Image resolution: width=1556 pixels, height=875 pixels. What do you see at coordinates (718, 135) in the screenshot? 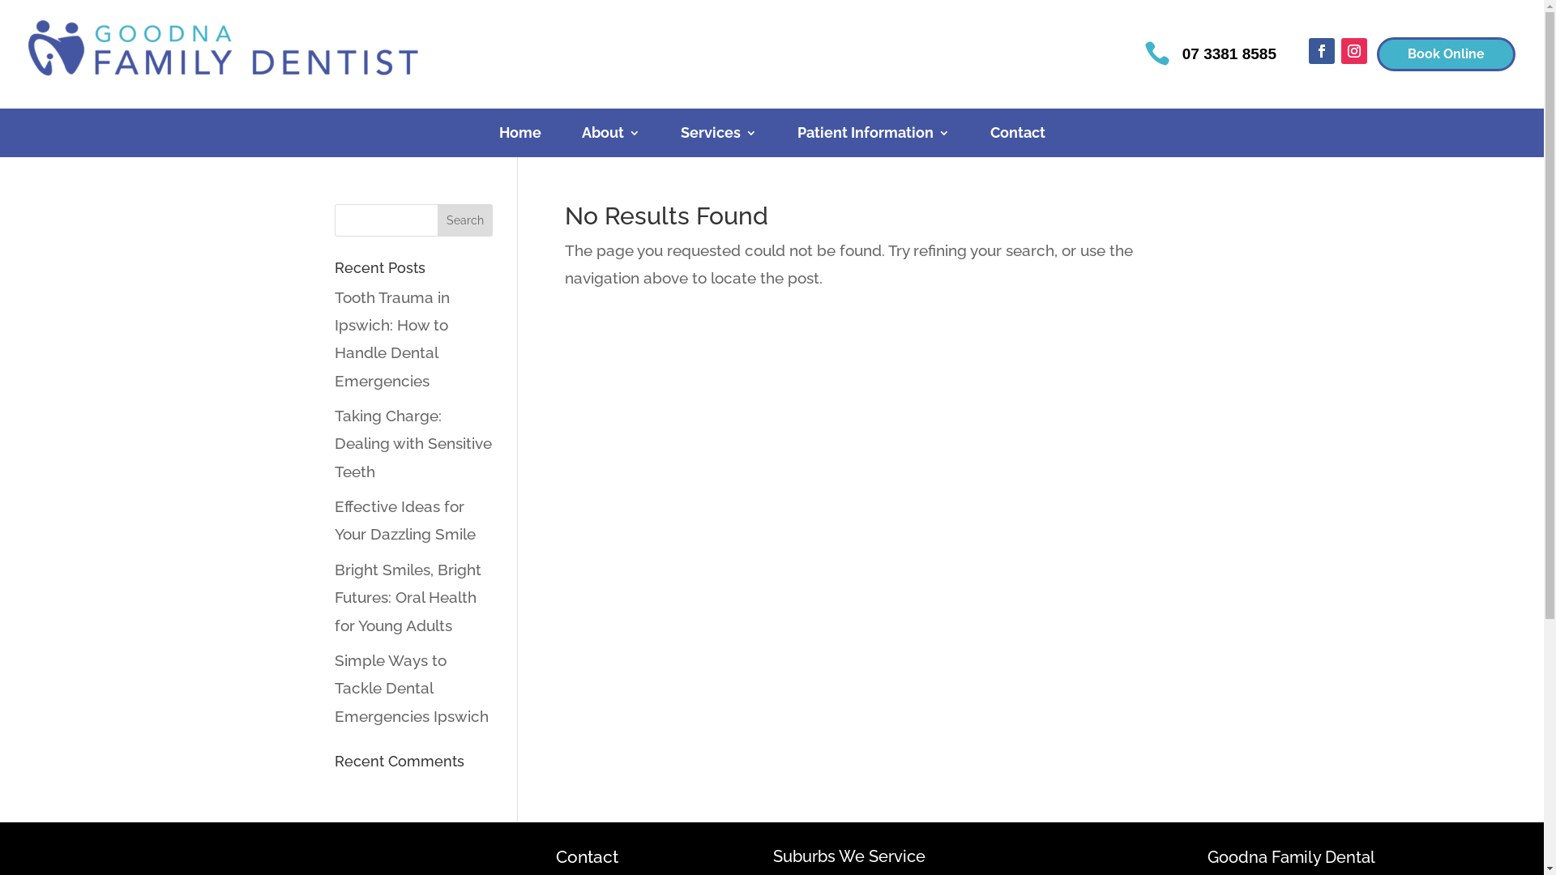
I see `'Services'` at bounding box center [718, 135].